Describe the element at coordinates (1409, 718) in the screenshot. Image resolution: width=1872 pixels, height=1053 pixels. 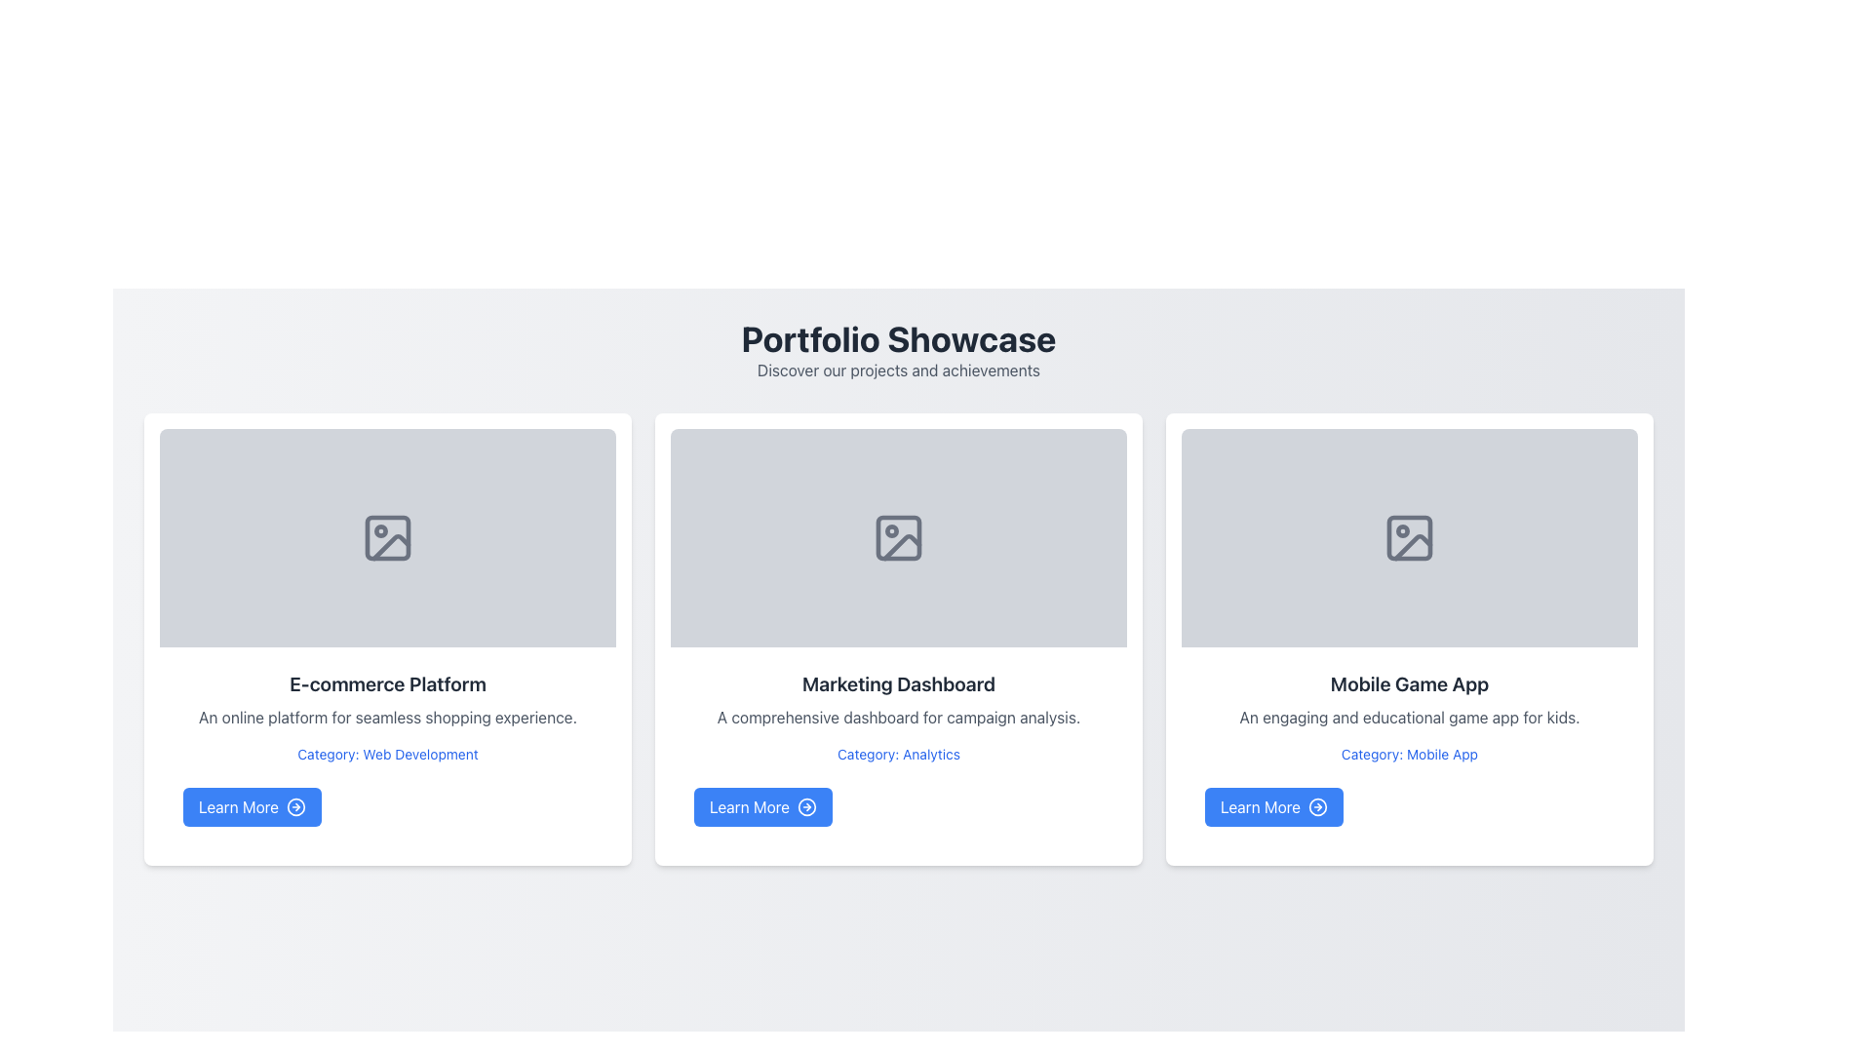
I see `the text label reading 'An engaging and educational game app for kids.' located in the central card of the three-card layout, positioned below the title 'Mobile Game App.'` at that location.